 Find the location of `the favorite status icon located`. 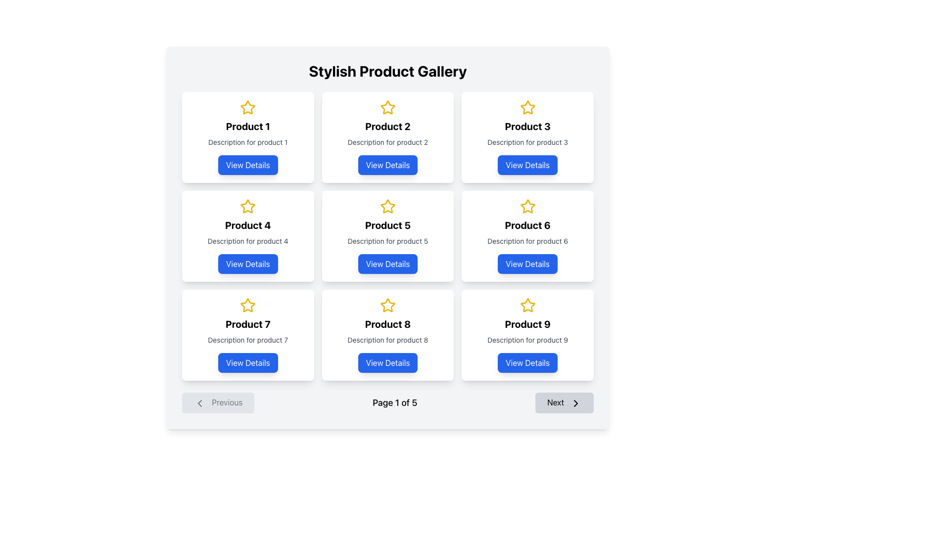

the favorite status icon located is located at coordinates (387, 305).